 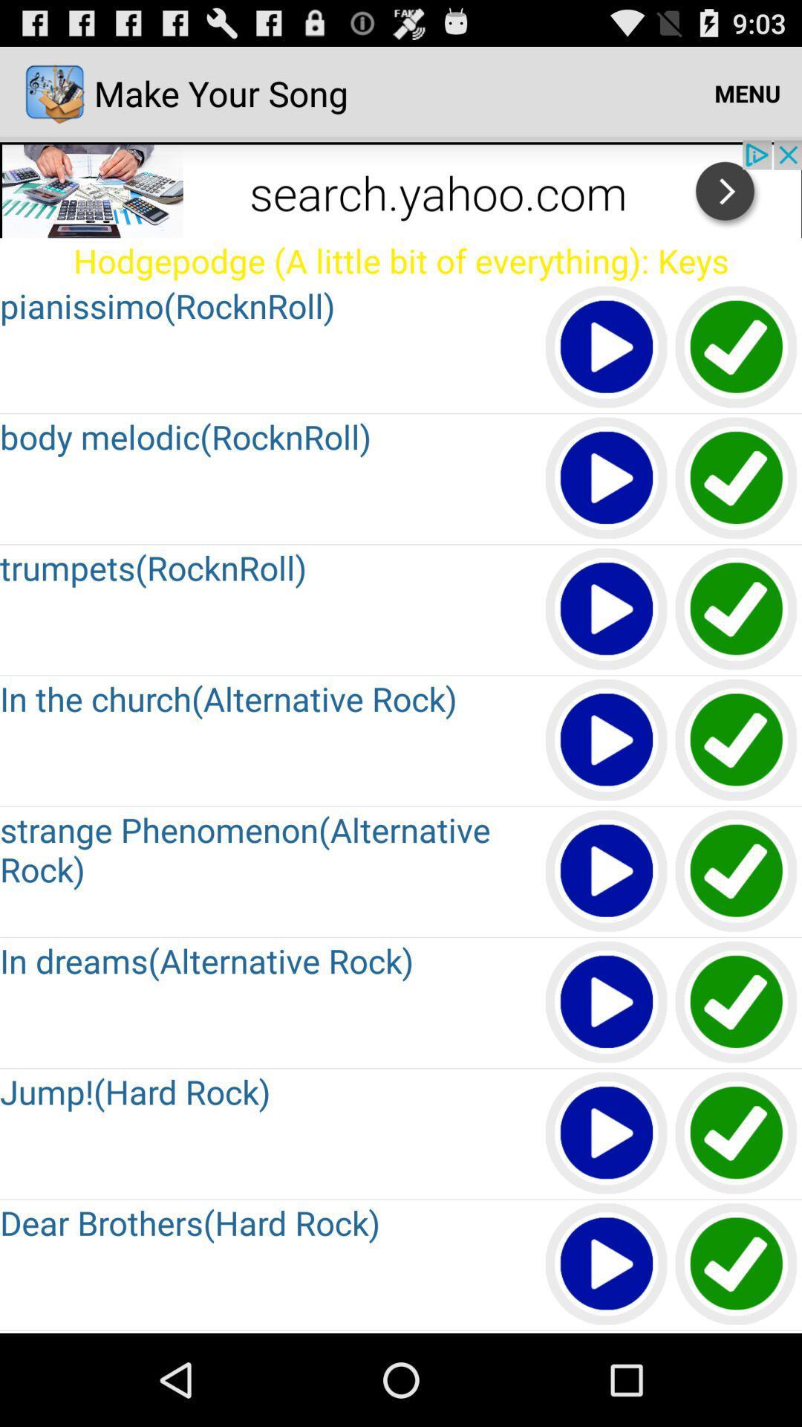 I want to click on songs, so click(x=607, y=1133).